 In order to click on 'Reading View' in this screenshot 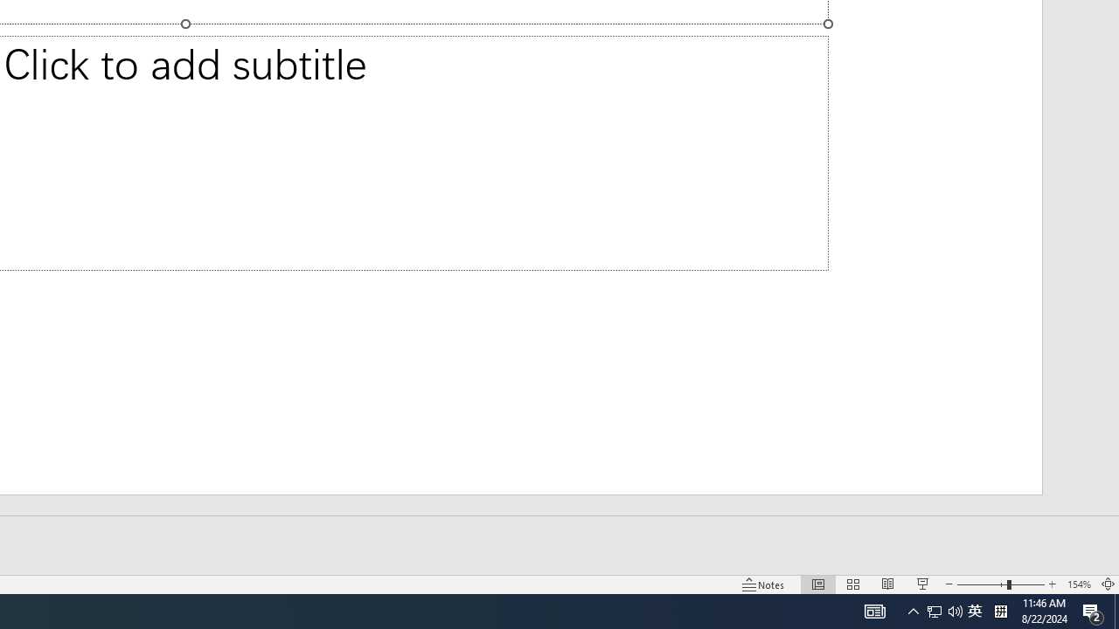, I will do `click(887, 584)`.